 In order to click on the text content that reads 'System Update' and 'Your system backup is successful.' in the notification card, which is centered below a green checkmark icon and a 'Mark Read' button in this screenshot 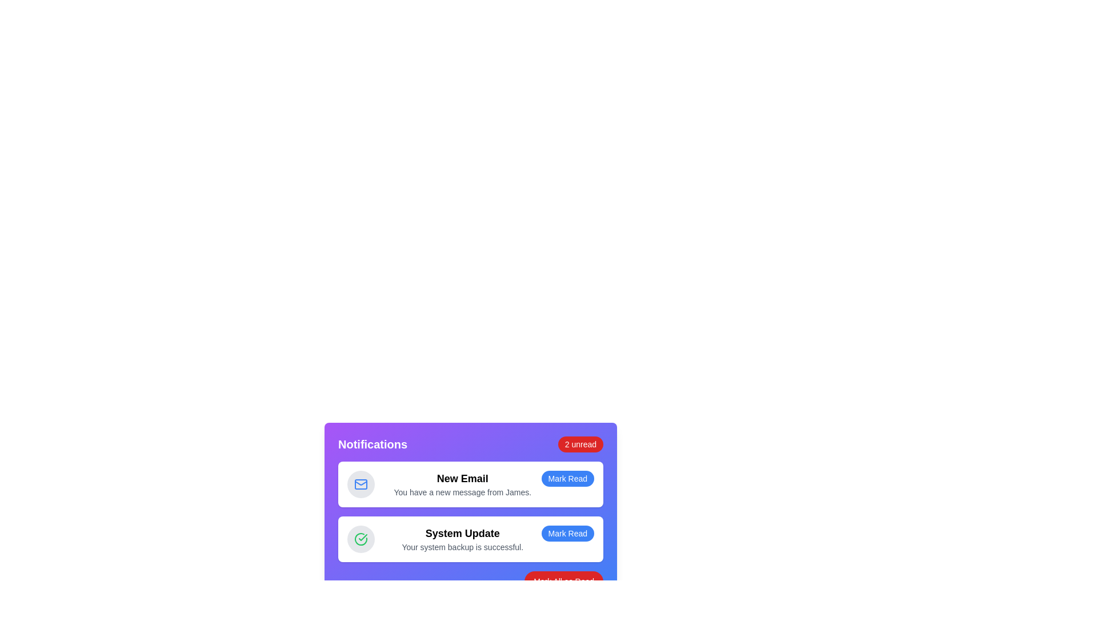, I will do `click(462, 539)`.